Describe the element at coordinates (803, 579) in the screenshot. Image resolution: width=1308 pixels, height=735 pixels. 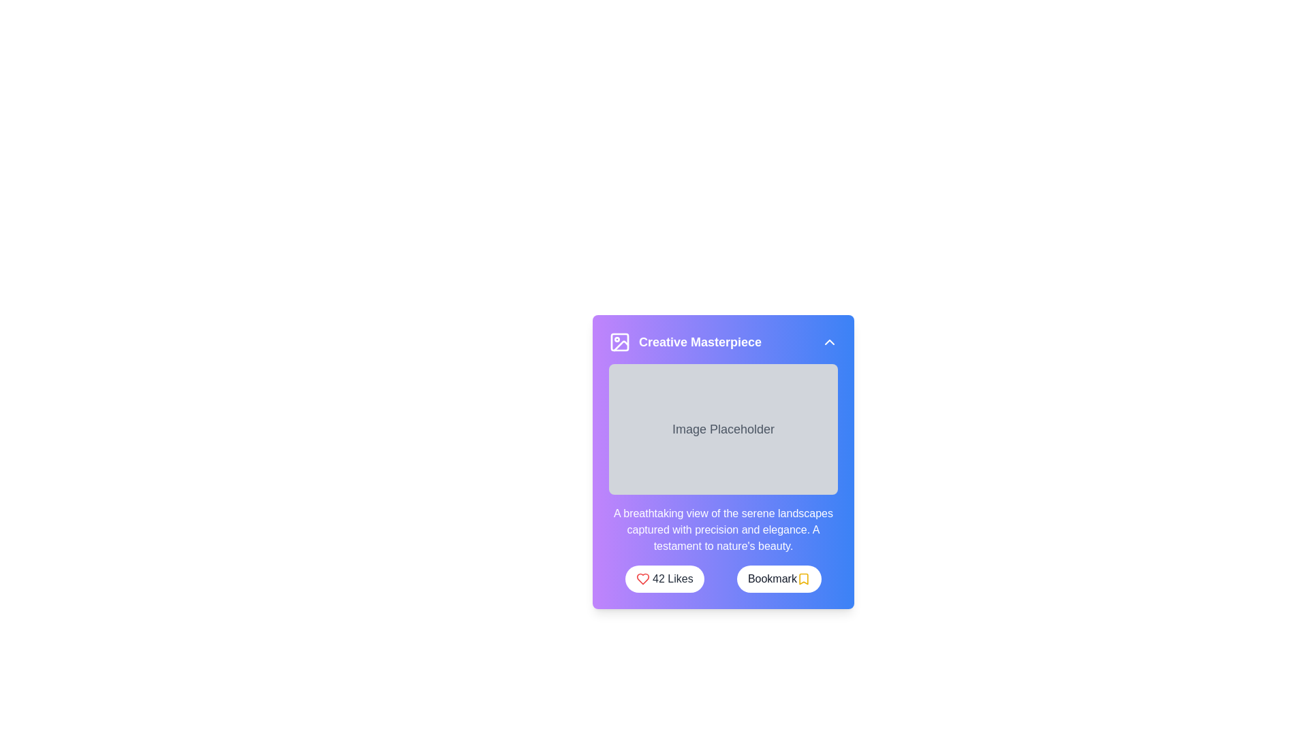
I see `the vibrant yellow bookmark icon within the 'Bookmark' button located at the bottom-right of the card component to bookmark the content` at that location.